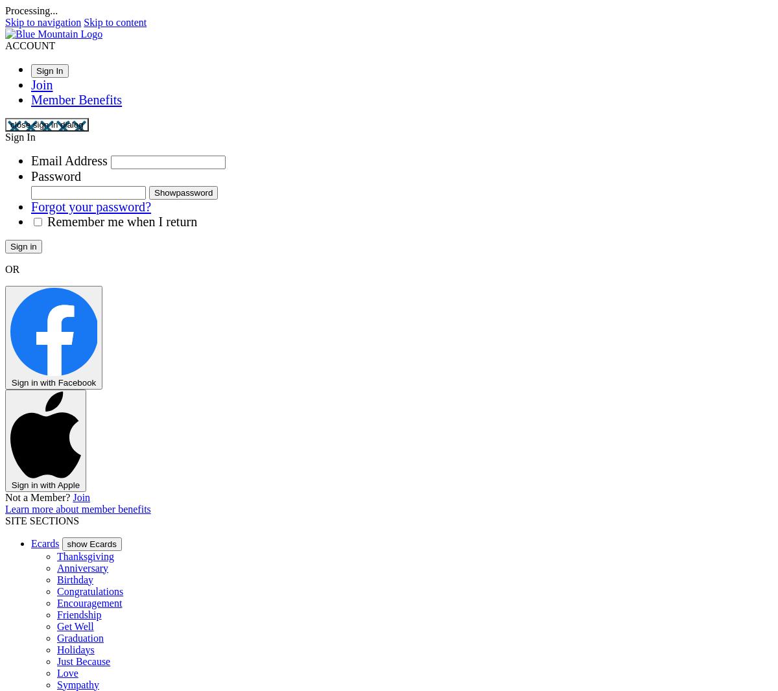 The image size is (778, 691). What do you see at coordinates (66, 543) in the screenshot?
I see `'show Ecards'` at bounding box center [66, 543].